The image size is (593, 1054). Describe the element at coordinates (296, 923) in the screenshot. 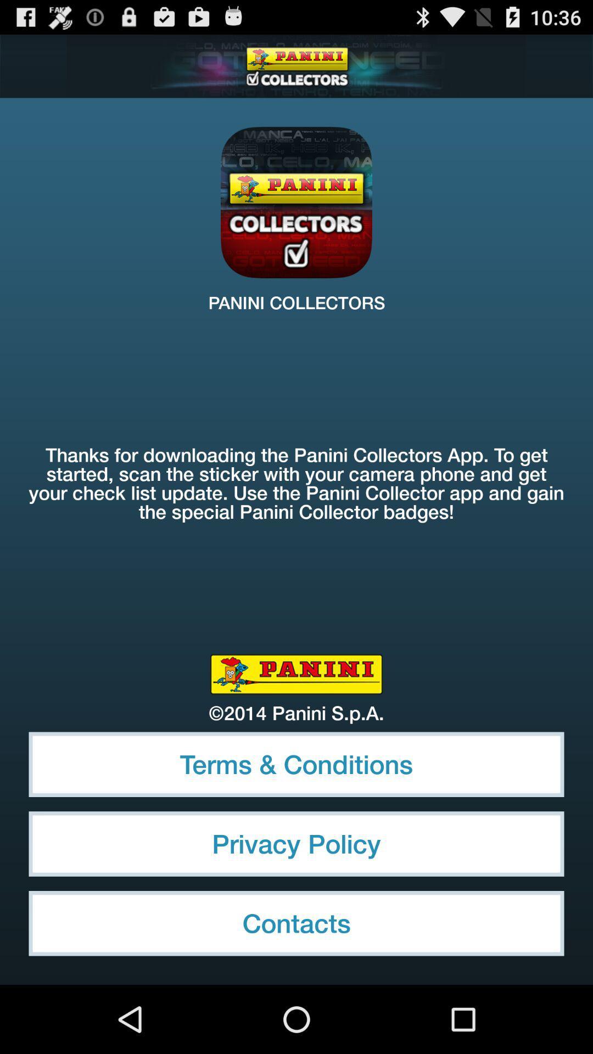

I see `the item below privacy policy icon` at that location.